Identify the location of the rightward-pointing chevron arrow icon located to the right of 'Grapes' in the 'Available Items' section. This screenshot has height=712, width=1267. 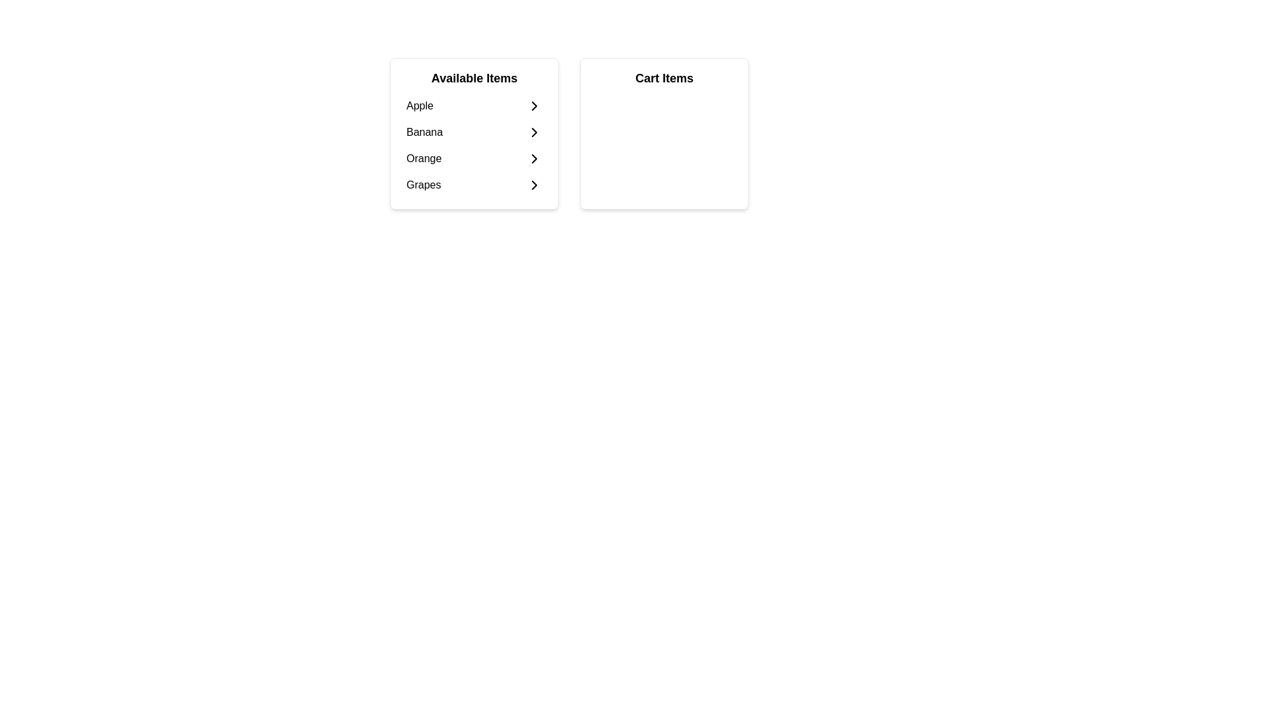
(535, 185).